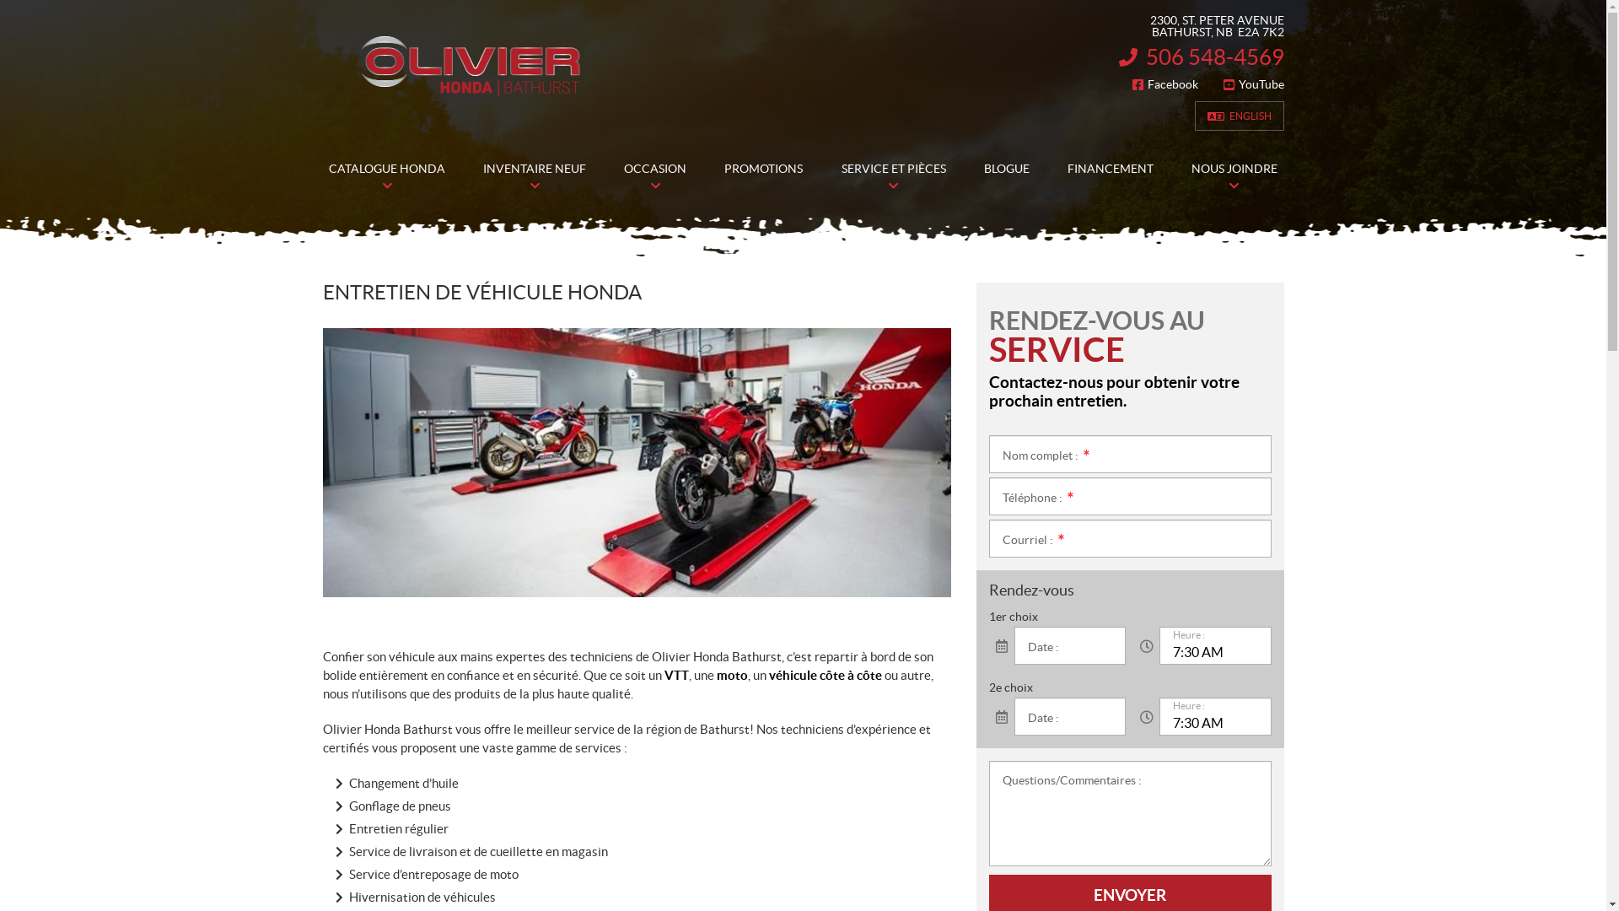 This screenshot has height=911, width=1619. What do you see at coordinates (1006, 169) in the screenshot?
I see `'BLOGUE'` at bounding box center [1006, 169].